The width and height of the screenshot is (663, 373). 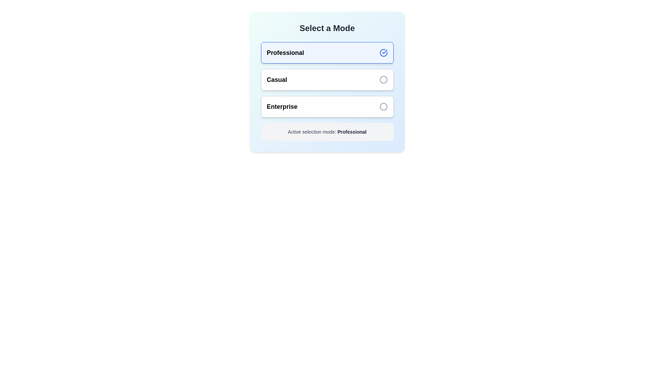 I want to click on the Text Display Area that informs about the currently selected mode, located at the bottom of the section under the 'Professional', 'Casual', and 'Enterprise' options, so click(x=327, y=132).